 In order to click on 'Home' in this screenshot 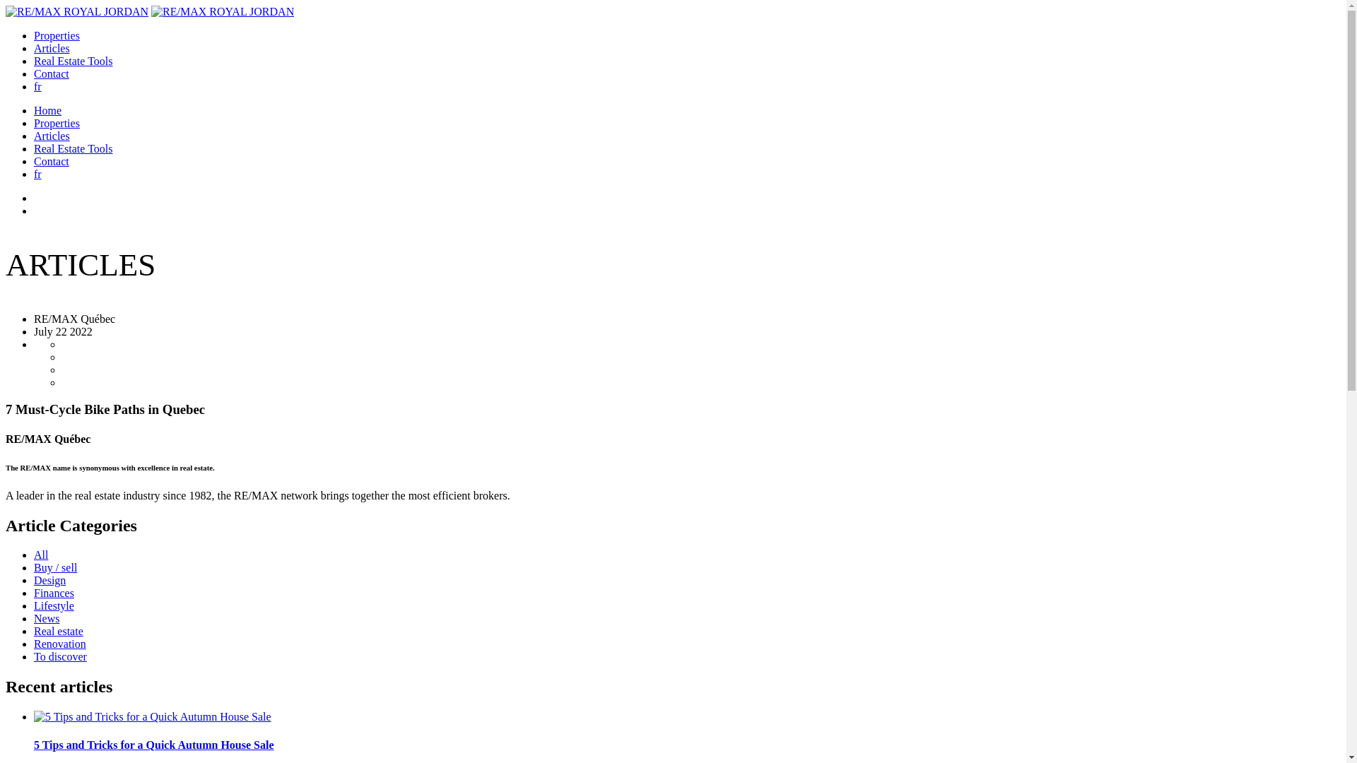, I will do `click(47, 110)`.